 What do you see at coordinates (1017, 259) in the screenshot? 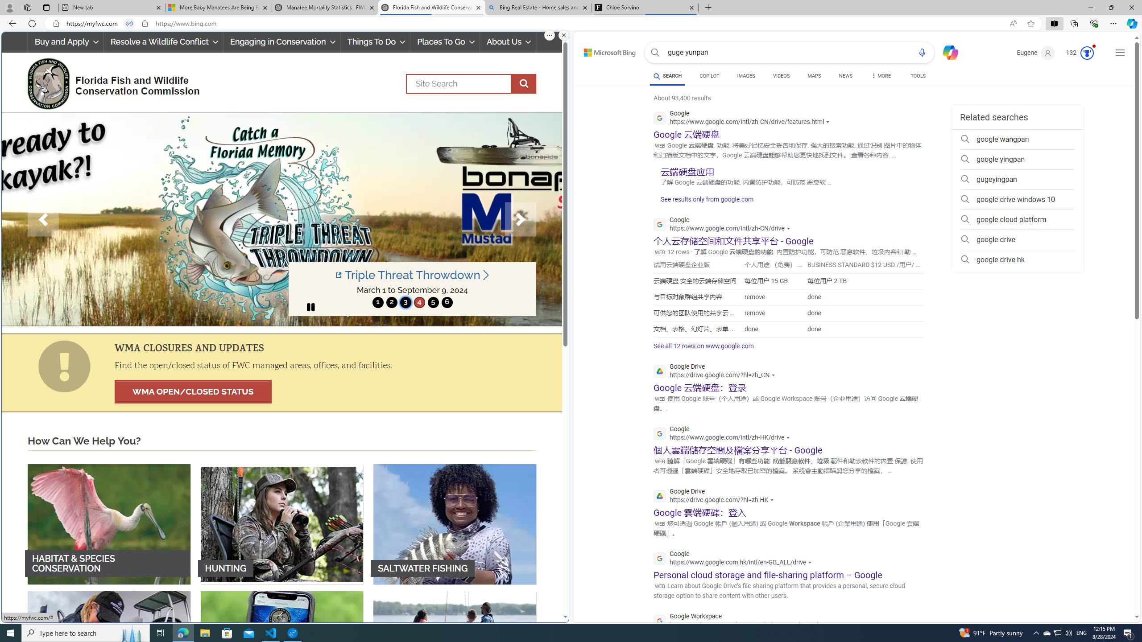
I see `'google drive hk'` at bounding box center [1017, 259].